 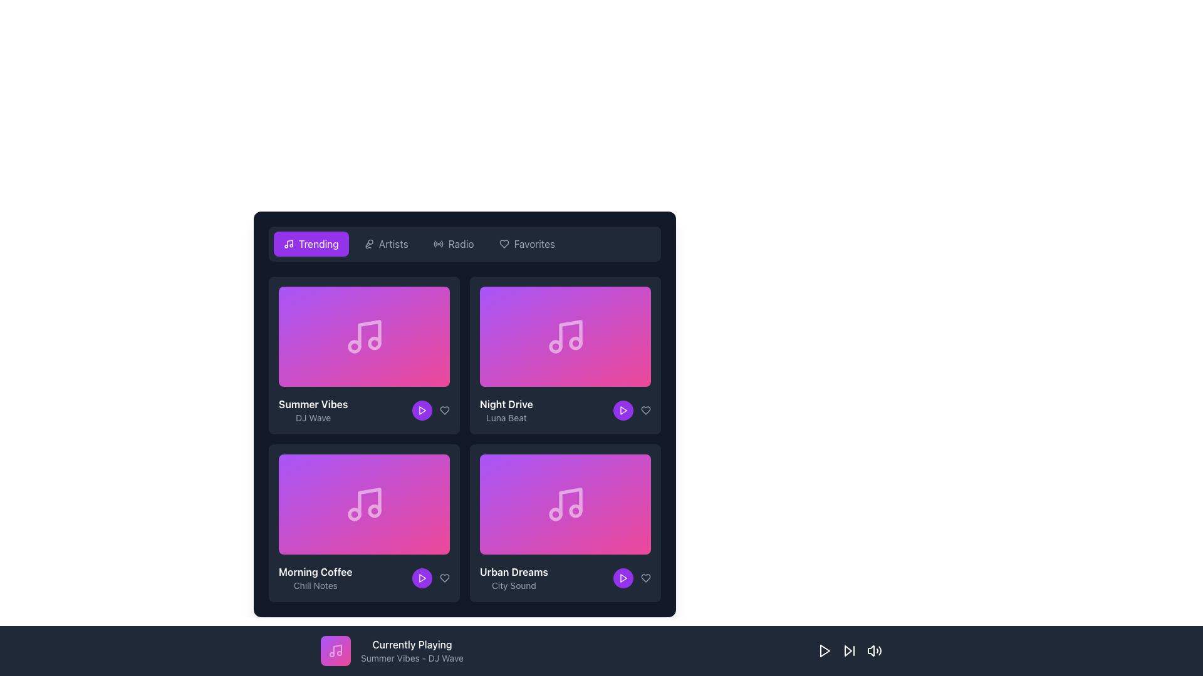 What do you see at coordinates (555, 347) in the screenshot?
I see `the lower circular component of the musical note icon in the 'Night Drive' card, which is semi-transparent white on a gradient pink background` at bounding box center [555, 347].